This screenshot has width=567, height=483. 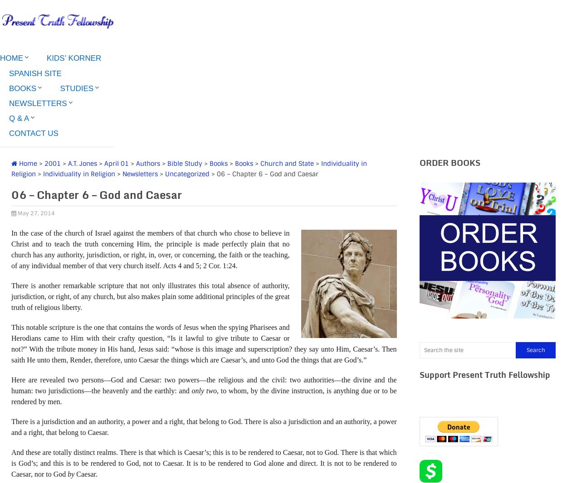 What do you see at coordinates (203, 385) in the screenshot?
I see `'Here are revealed two persons—God and Caesar: two powers—the religious and the civil: two authorities—the divine and the human: two jurisdictions—the heavenly and the earthly: and'` at bounding box center [203, 385].